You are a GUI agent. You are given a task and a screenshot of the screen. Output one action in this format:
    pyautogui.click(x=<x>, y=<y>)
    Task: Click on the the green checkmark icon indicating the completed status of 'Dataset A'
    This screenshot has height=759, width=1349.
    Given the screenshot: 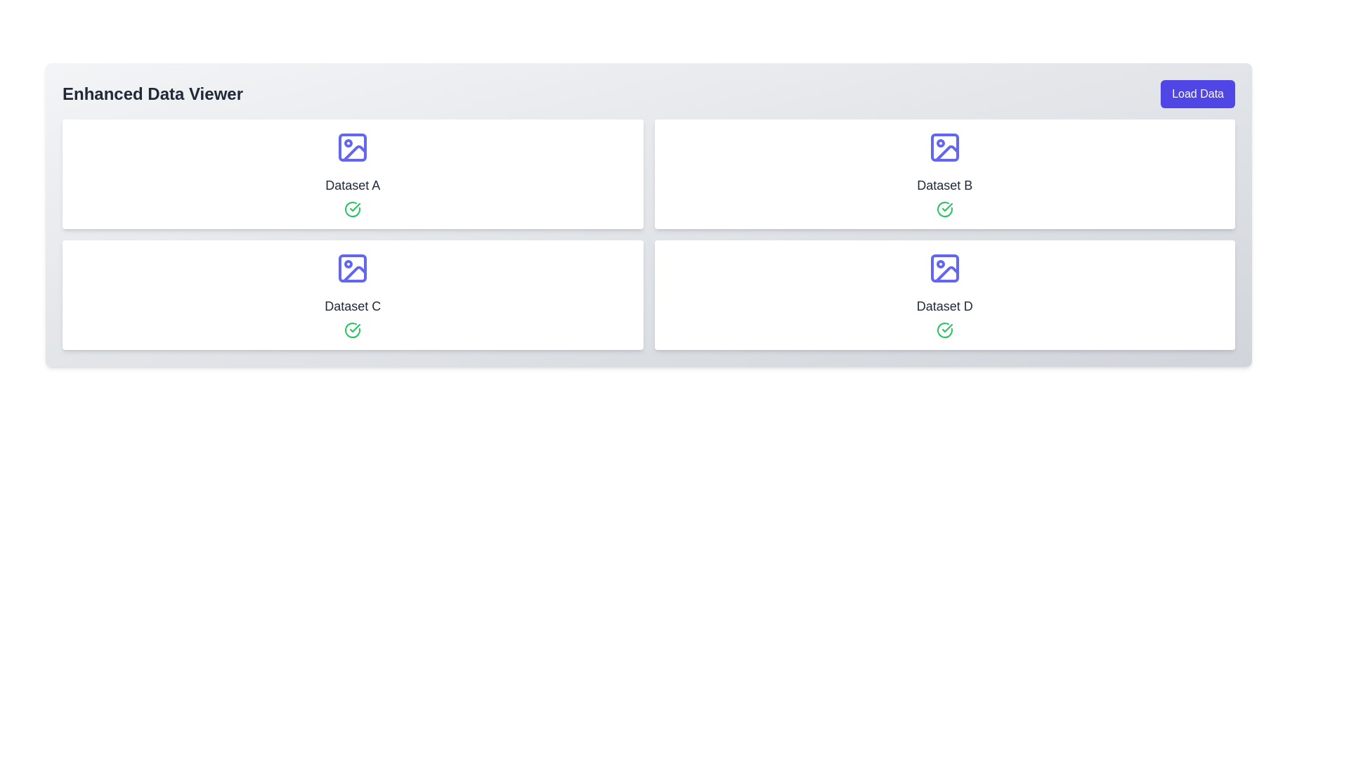 What is the action you would take?
    pyautogui.click(x=355, y=327)
    